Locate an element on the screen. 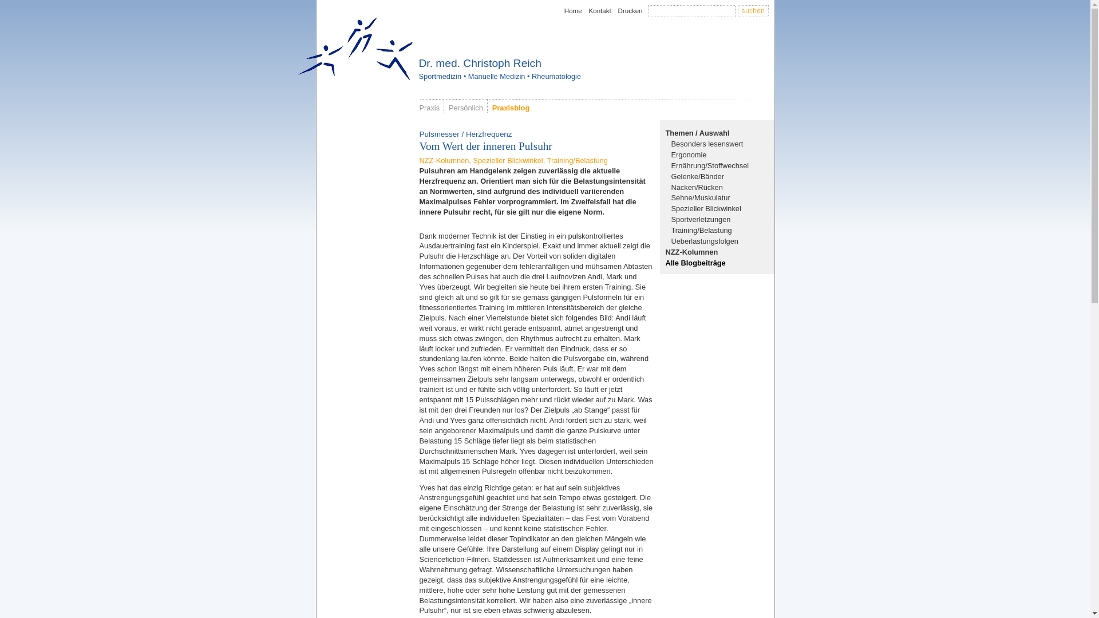  'Themen / Auswahl' is located at coordinates (697, 132).